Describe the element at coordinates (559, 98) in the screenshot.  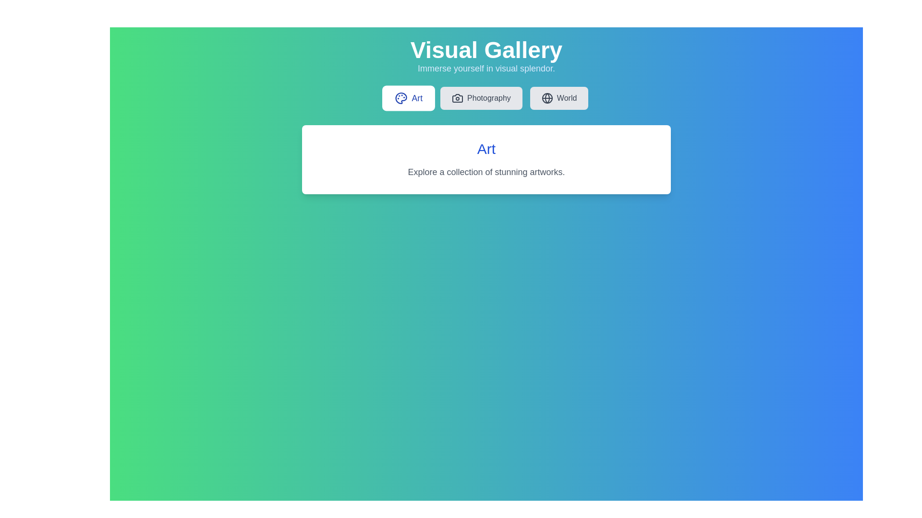
I see `the tab labeled World to view its content` at that location.